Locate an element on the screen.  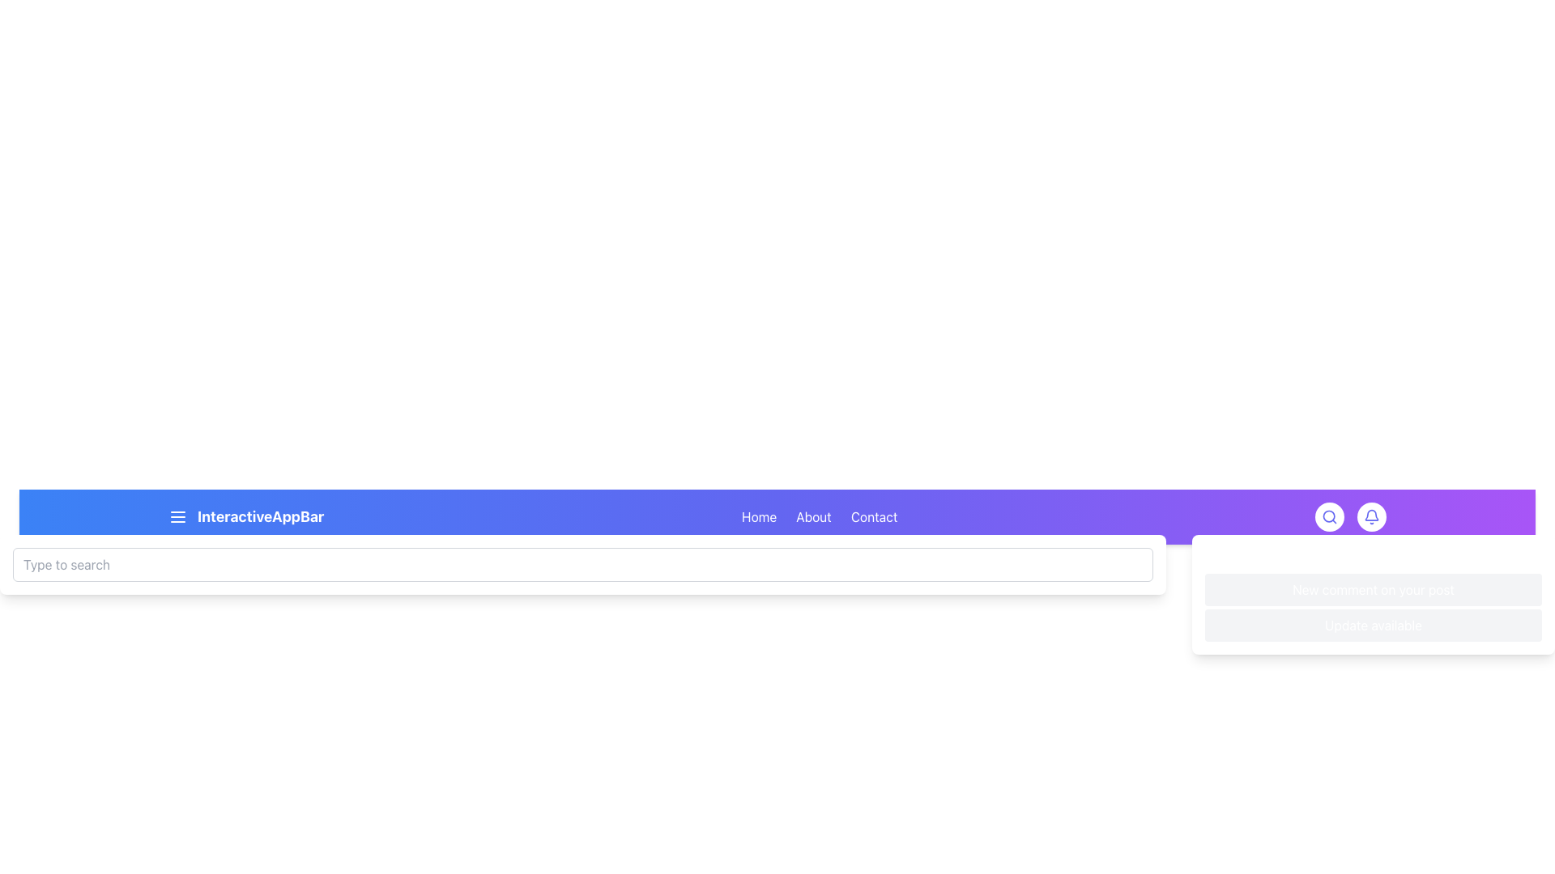
the group of hyperlinks in the application header bar is located at coordinates (820, 517).